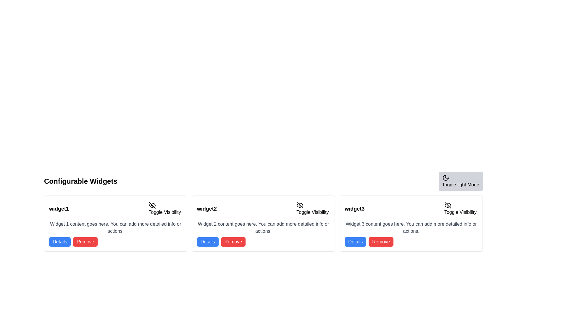  Describe the element at coordinates (448, 205) in the screenshot. I see `the visibility toggle icon located in the 'Toggle Visibility' section of the third widget` at that location.